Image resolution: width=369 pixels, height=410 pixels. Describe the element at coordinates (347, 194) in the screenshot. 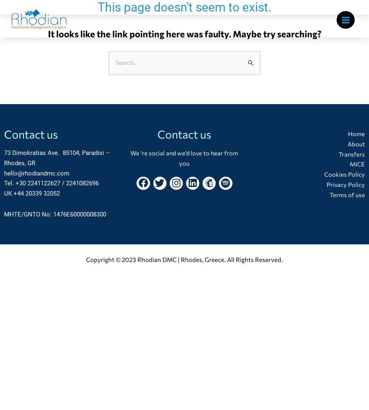

I see `'Terms of  use'` at that location.